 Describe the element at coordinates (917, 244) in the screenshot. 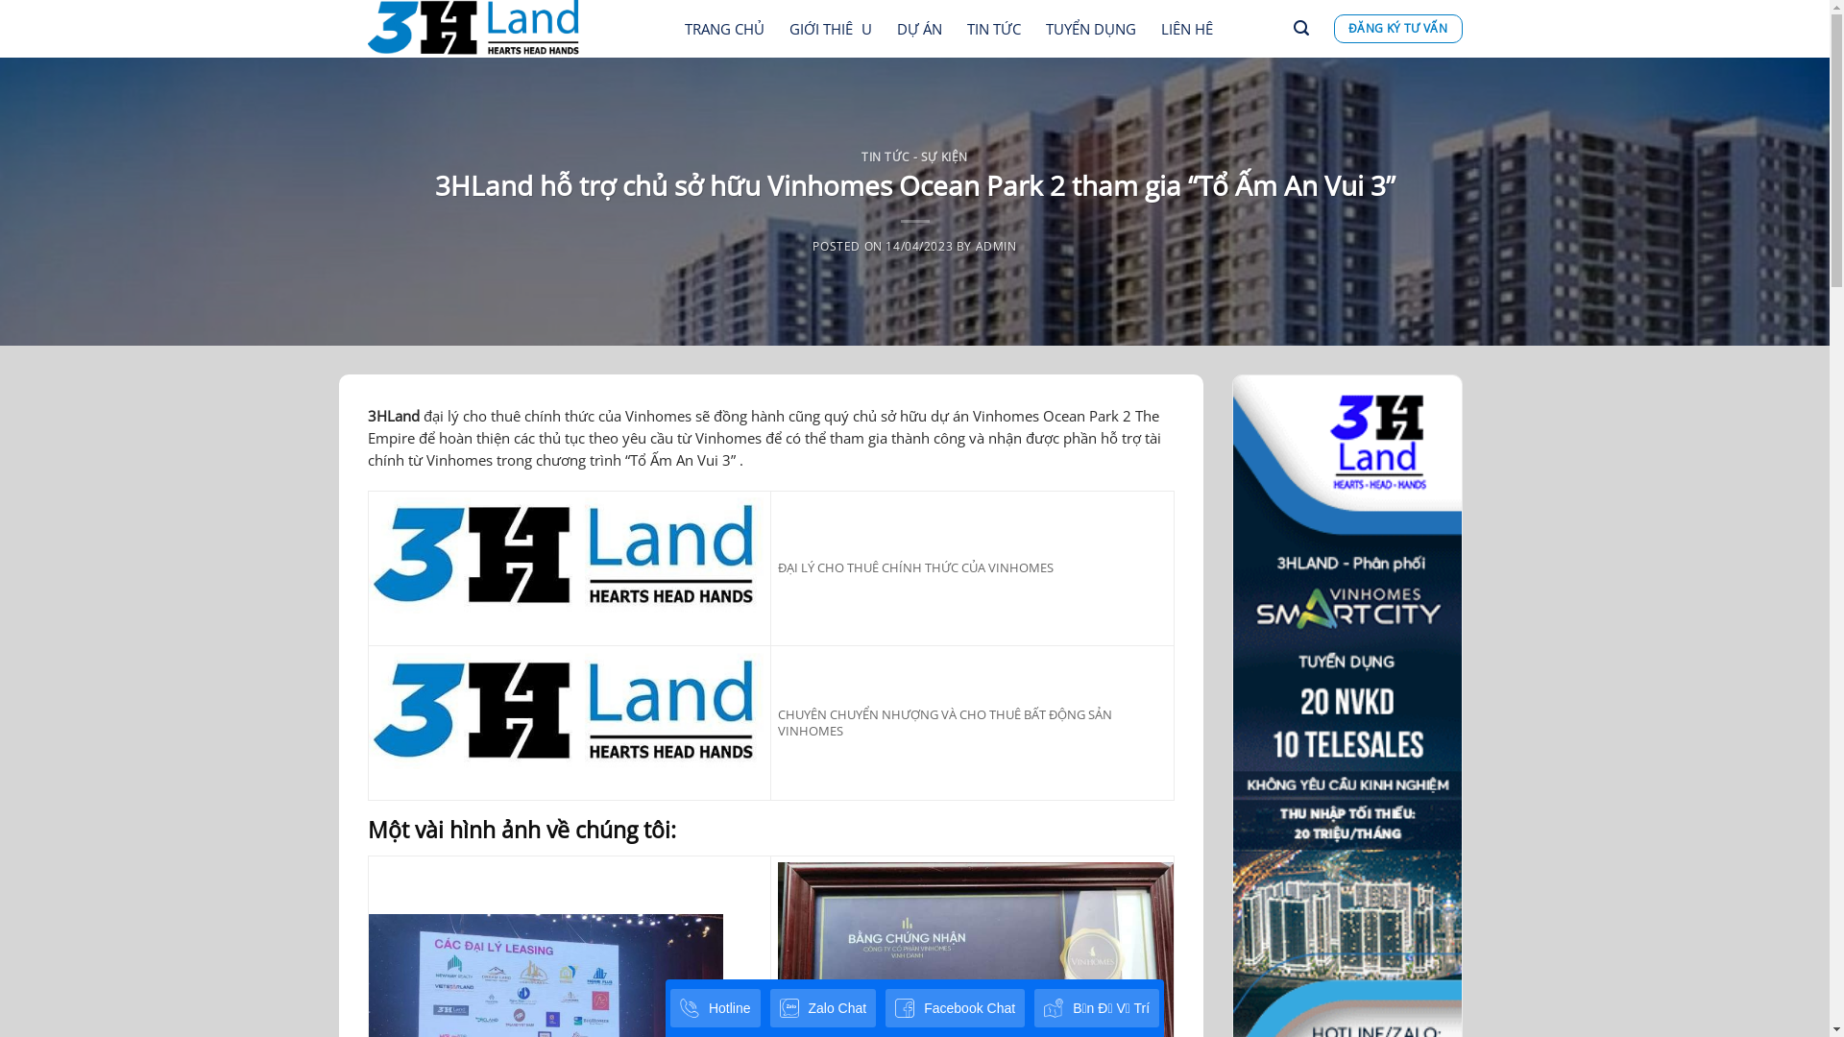

I see `'14/04/2023'` at that location.